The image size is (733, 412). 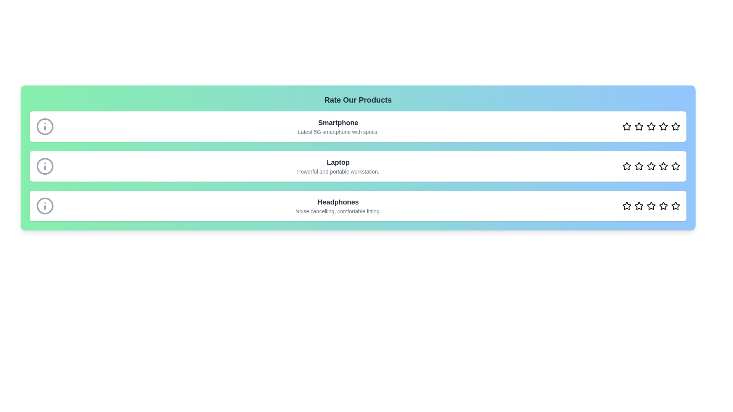 I want to click on the first star rating icon in the rating system for 'Headphones', so click(x=626, y=205).